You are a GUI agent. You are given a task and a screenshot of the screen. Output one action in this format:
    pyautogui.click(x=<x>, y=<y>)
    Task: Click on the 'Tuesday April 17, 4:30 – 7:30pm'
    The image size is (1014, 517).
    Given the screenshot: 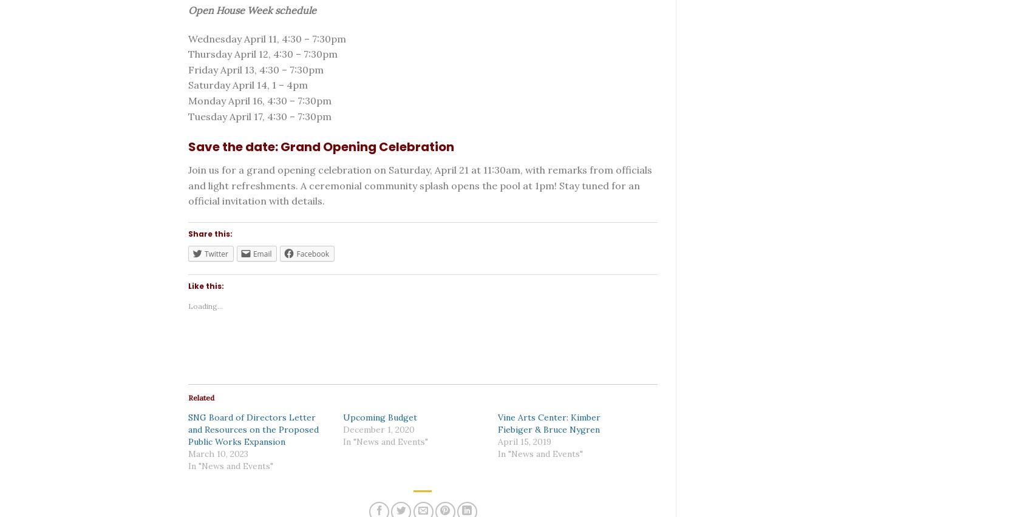 What is the action you would take?
    pyautogui.click(x=259, y=116)
    